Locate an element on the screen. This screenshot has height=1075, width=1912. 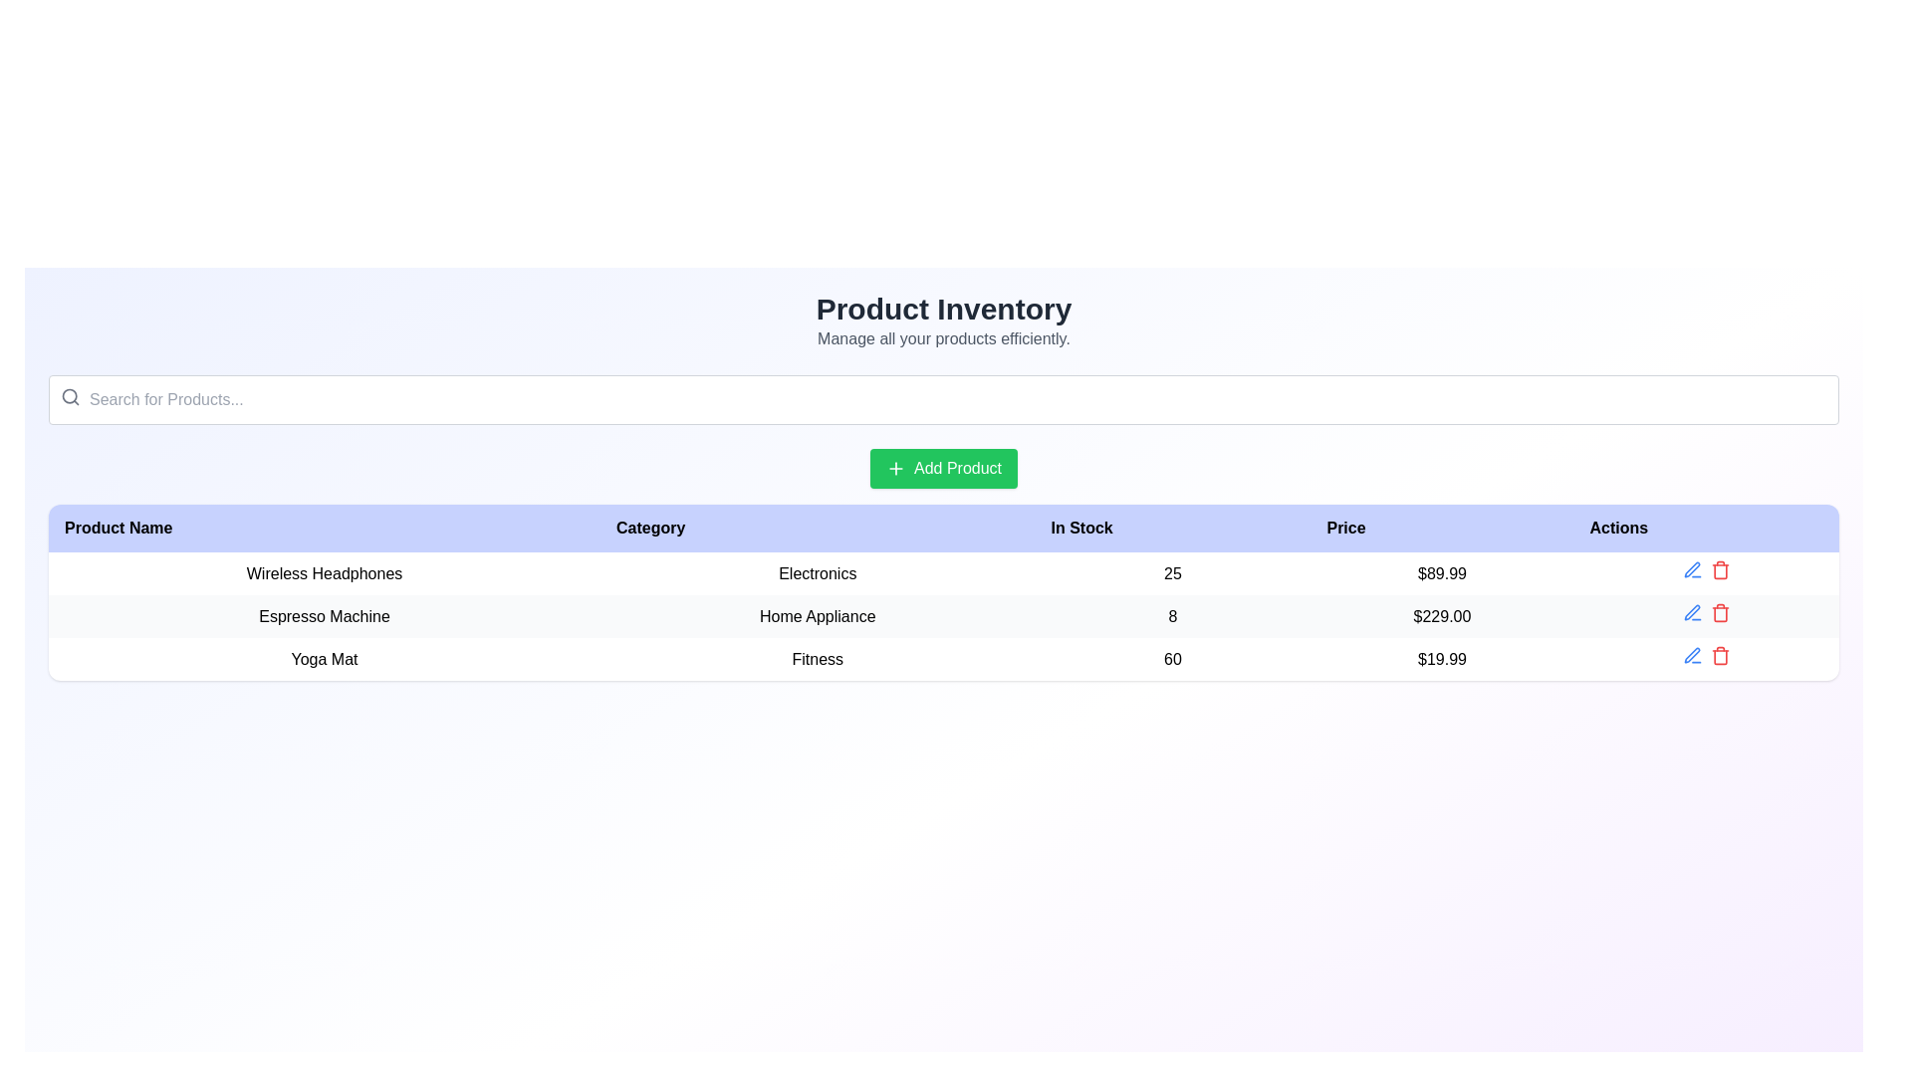
the delete icon located in the last row of the table under the 'Actions' column is located at coordinates (1719, 656).